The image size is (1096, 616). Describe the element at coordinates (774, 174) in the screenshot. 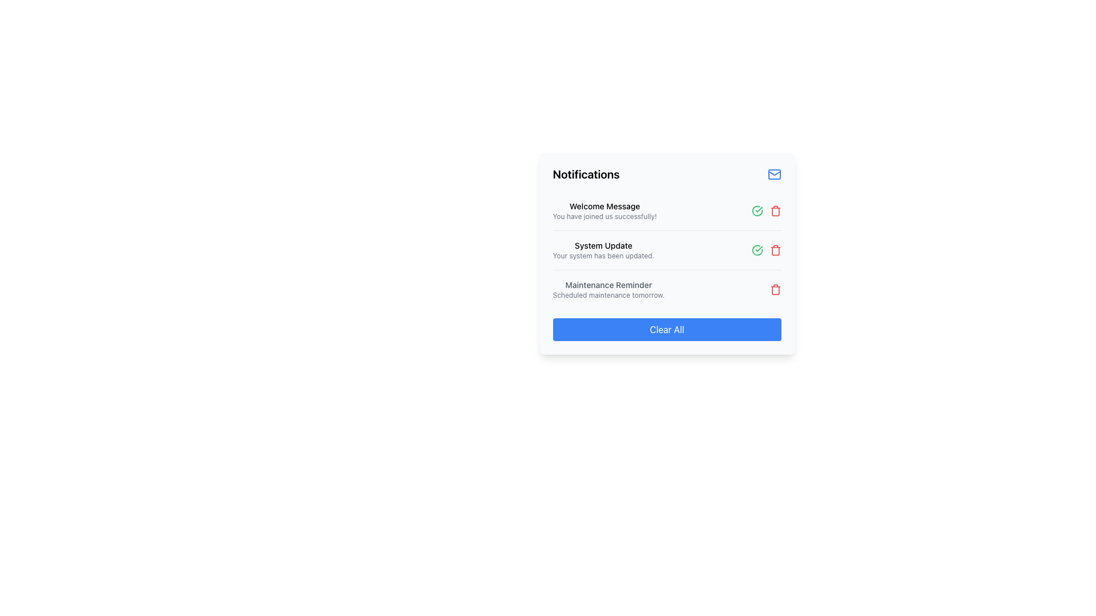

I see `the envelope portion of the mail icon located at the top-right corner of the notification panel` at that location.